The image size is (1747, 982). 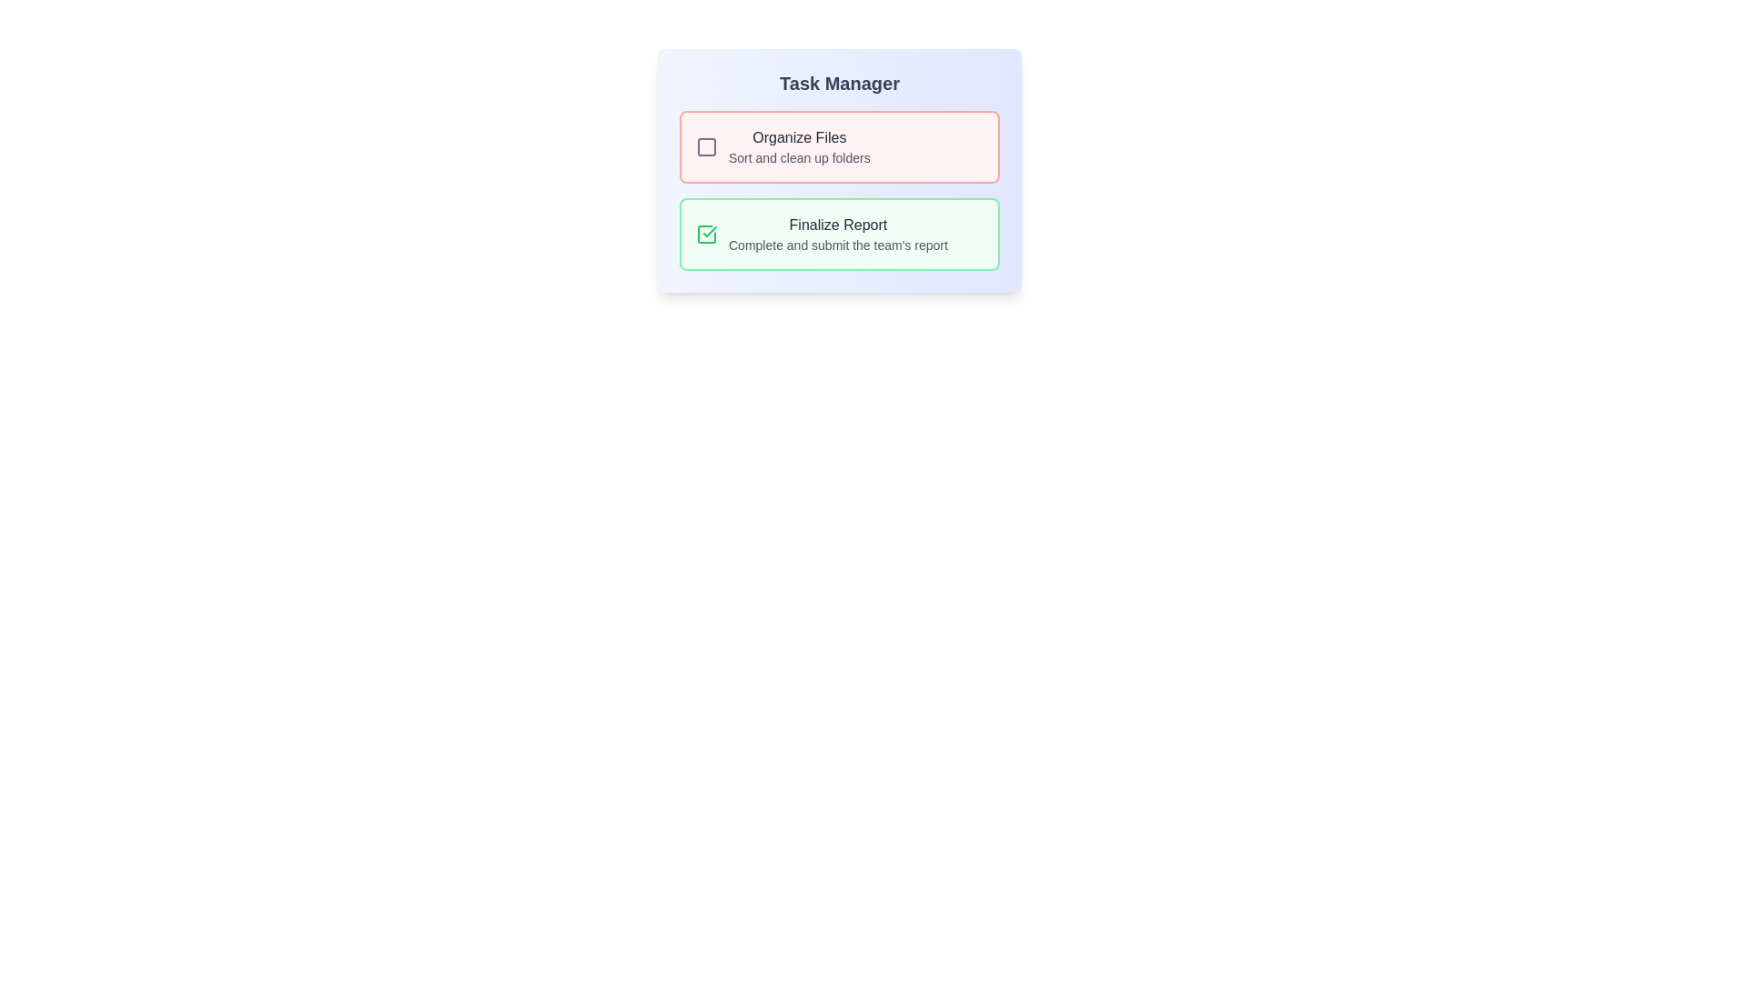 I want to click on the gray square icon with a rounded appearance located in the upper left portion of the red-bordered block containing the text 'Organize Files' and 'Sort and clean up folders', so click(x=706, y=146).